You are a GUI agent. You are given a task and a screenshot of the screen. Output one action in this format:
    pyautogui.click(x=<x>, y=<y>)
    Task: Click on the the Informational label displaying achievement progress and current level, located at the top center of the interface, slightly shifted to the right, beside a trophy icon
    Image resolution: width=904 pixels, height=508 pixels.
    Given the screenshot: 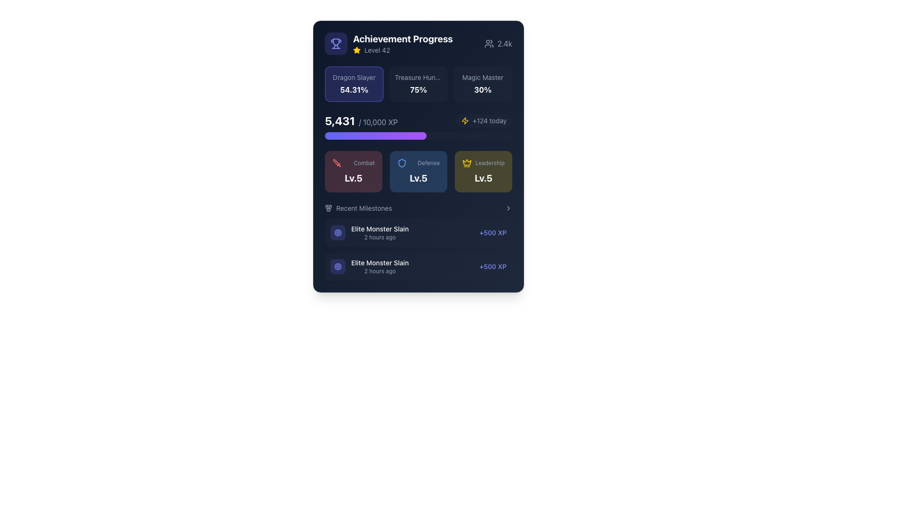 What is the action you would take?
    pyautogui.click(x=403, y=43)
    